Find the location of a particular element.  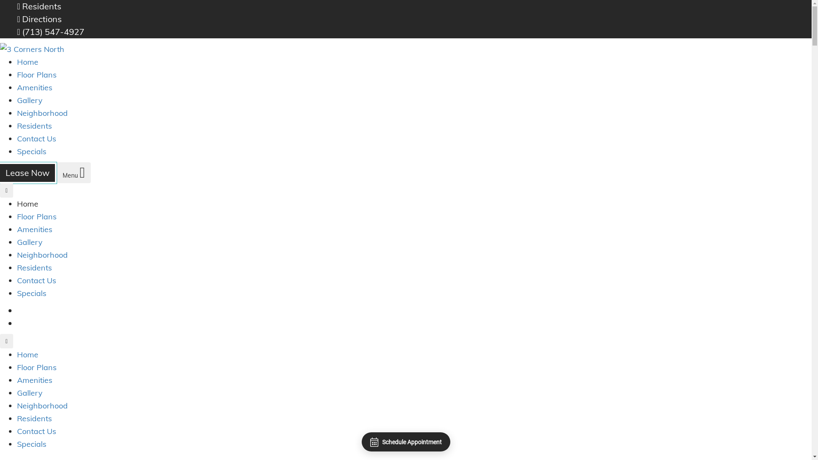

'Specials' is located at coordinates (32, 443).